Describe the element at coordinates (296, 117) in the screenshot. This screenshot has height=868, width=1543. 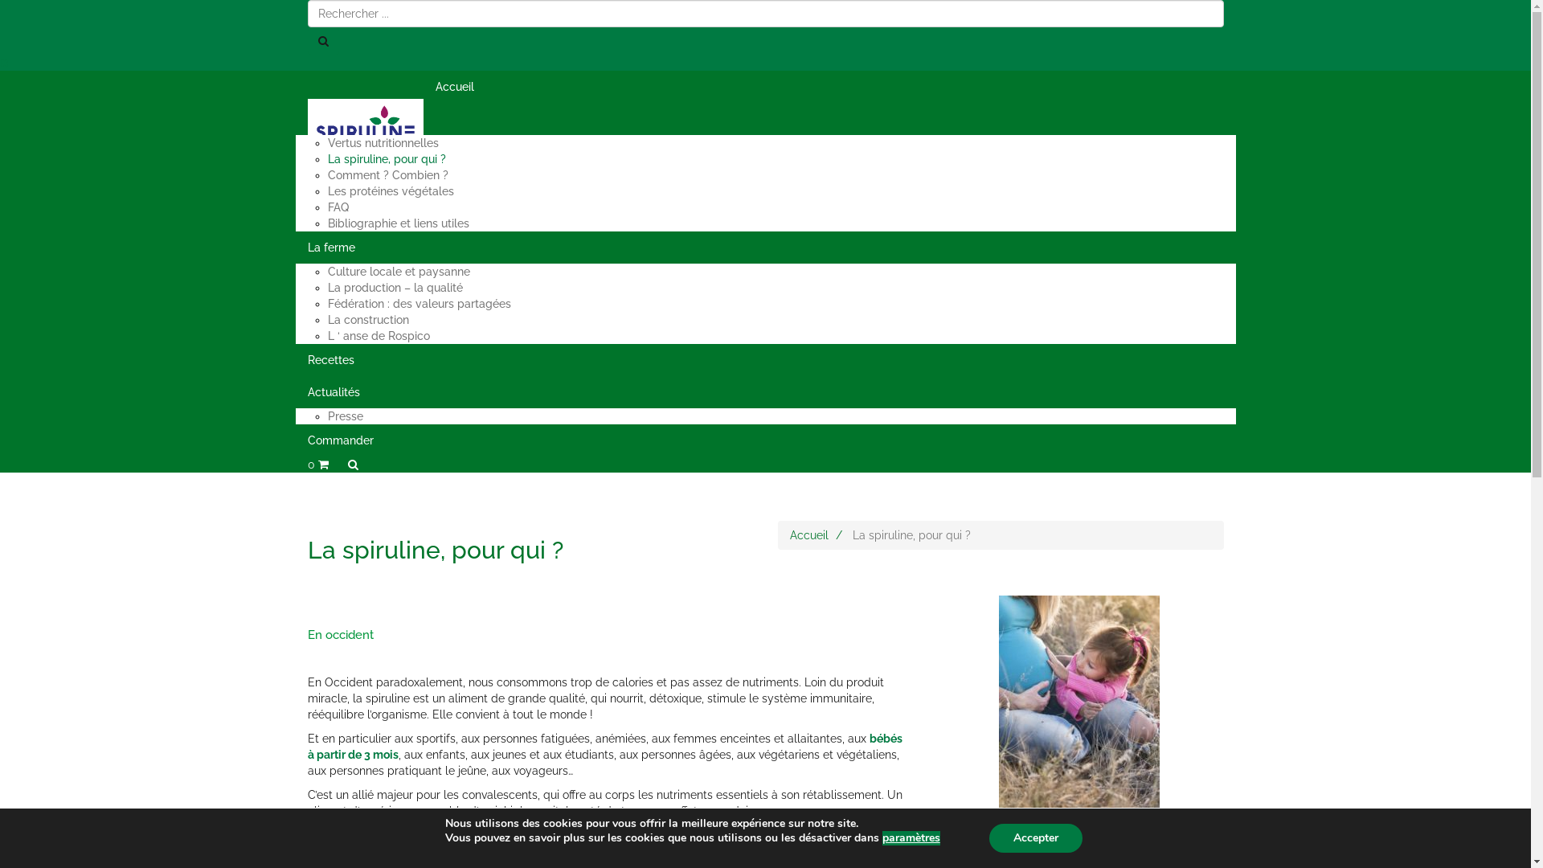
I see `'La spiruline'` at that location.